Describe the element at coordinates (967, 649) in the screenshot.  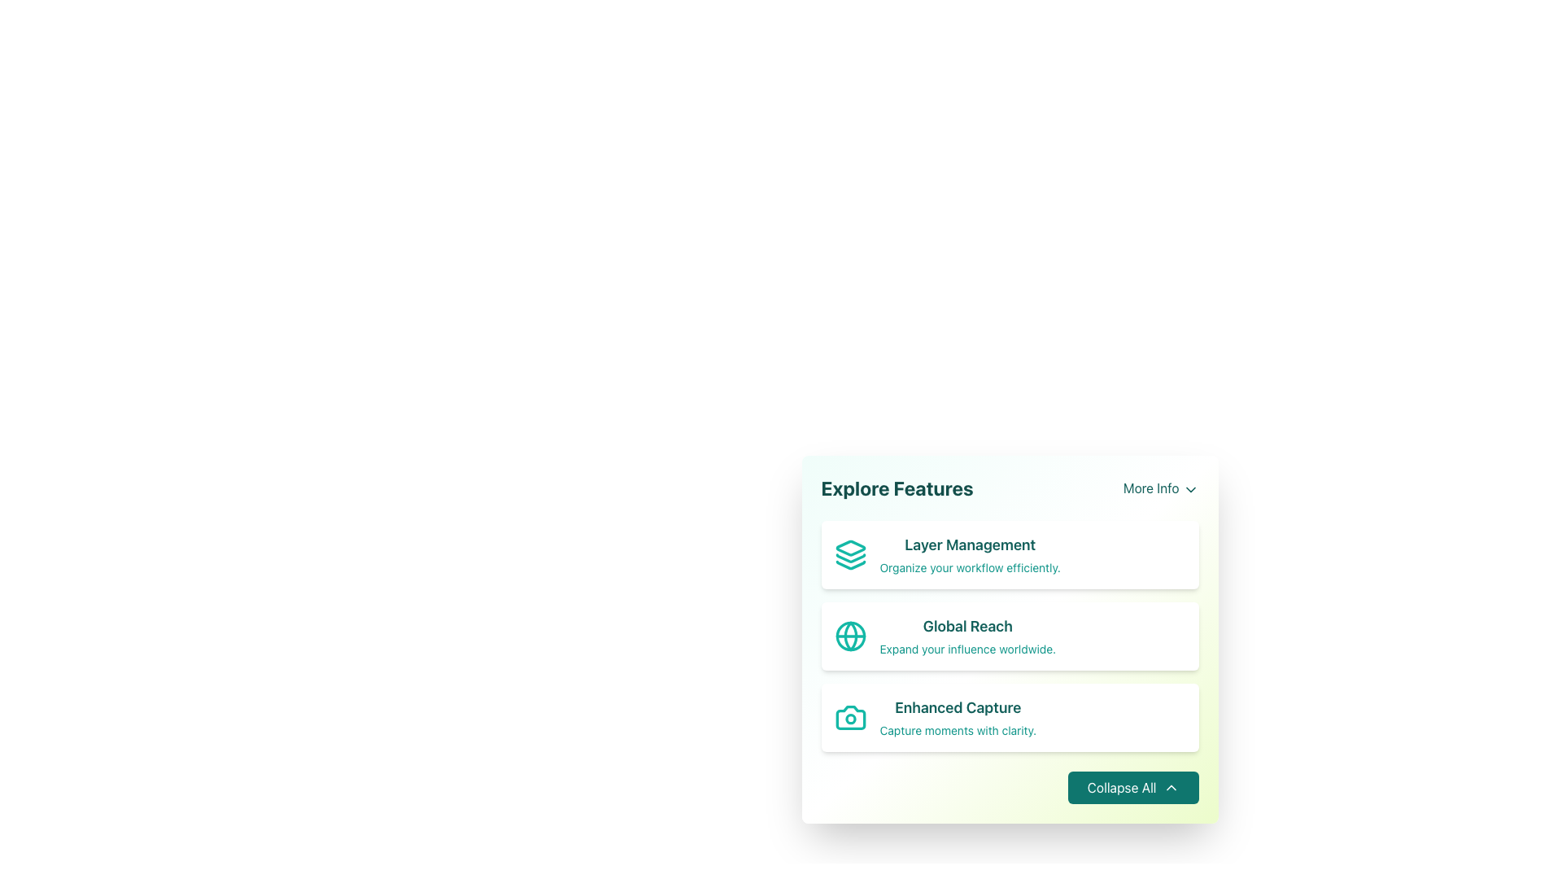
I see `the text label reading 'Expand your influence worldwide.' which is styled in a small, teal-colored font and is located in the lower text section of the 'Global Reach' card` at that location.